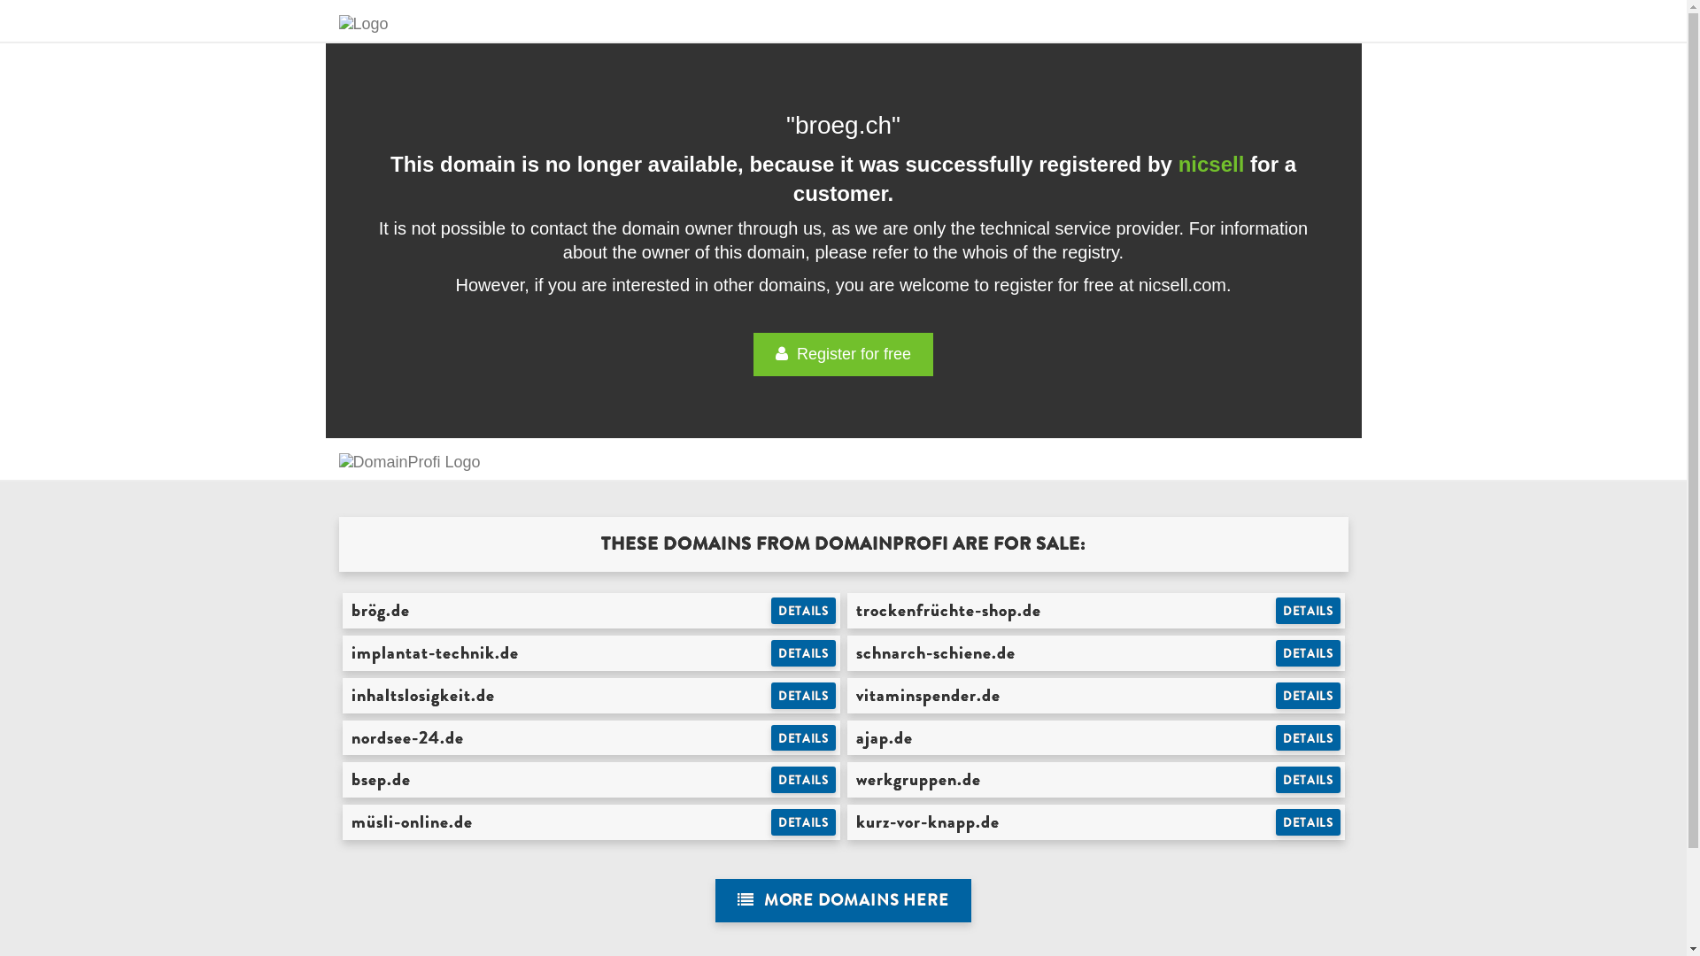  Describe the element at coordinates (770, 695) in the screenshot. I see `'DETAILS'` at that location.